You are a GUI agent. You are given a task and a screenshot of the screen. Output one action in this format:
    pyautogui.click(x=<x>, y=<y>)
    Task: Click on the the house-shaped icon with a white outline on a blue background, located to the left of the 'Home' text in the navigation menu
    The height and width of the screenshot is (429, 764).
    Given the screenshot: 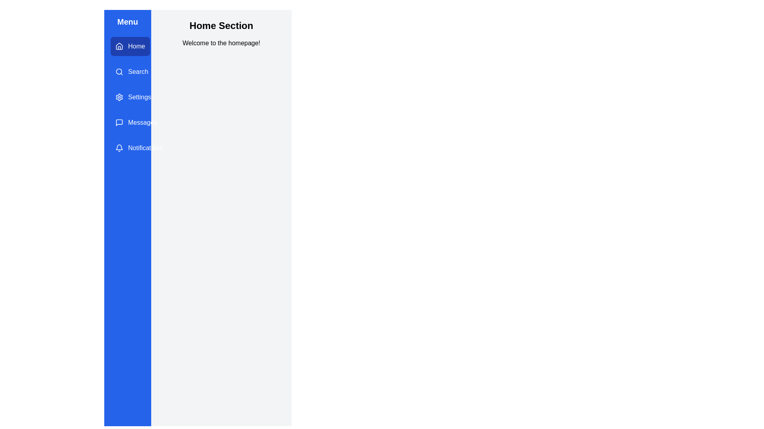 What is the action you would take?
    pyautogui.click(x=119, y=46)
    